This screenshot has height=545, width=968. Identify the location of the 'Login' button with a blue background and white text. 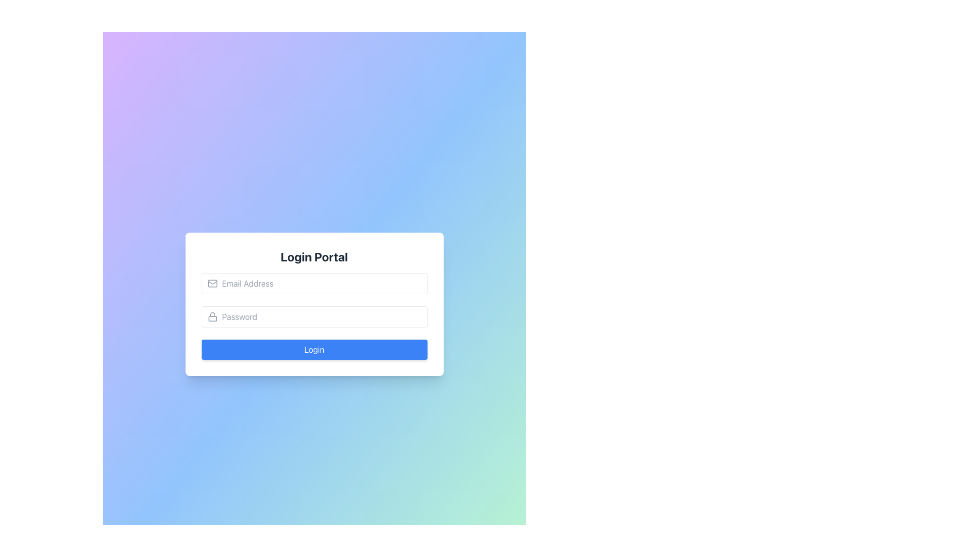
(314, 349).